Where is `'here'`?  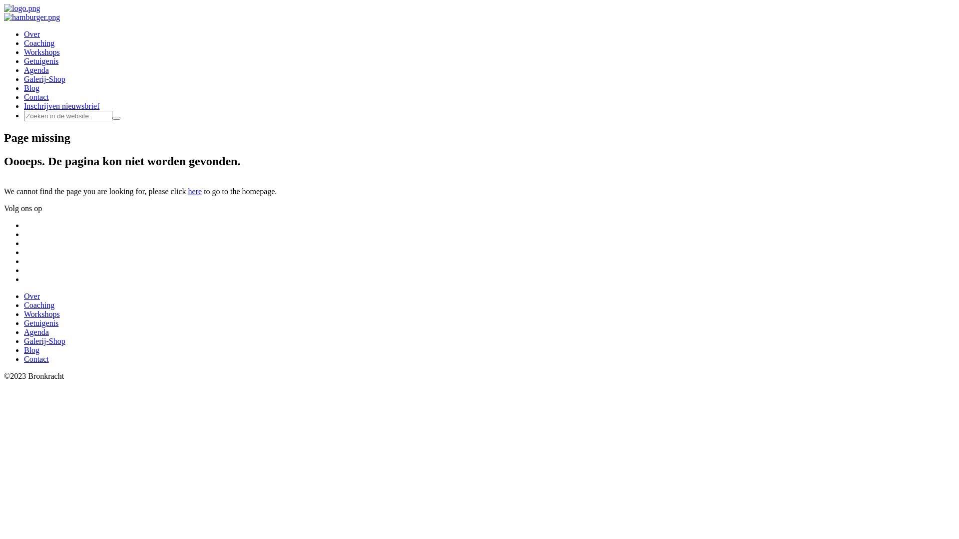 'here' is located at coordinates (195, 191).